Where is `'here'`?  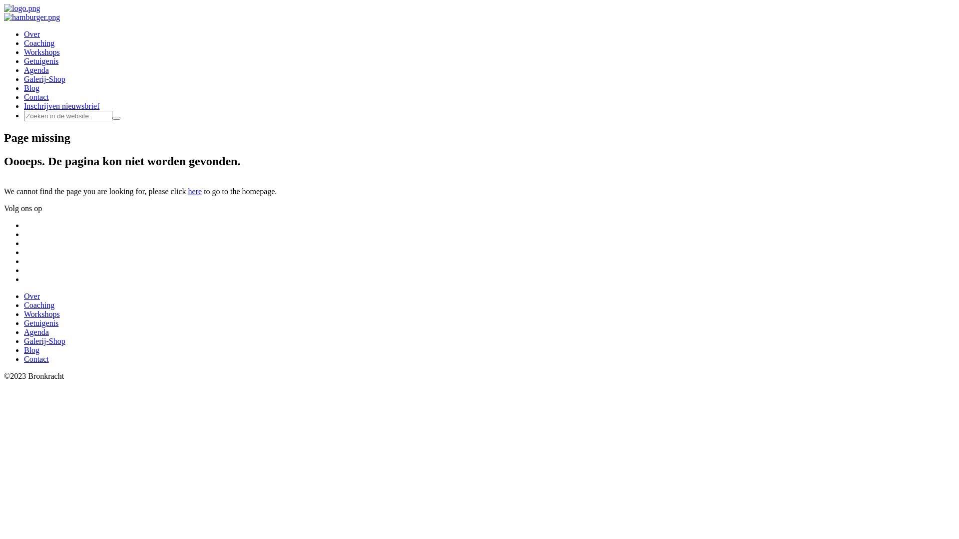 'here' is located at coordinates (195, 191).